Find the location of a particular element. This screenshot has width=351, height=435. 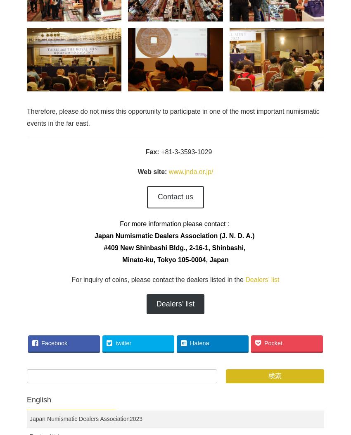

'For more information please contact :' is located at coordinates (175, 224).